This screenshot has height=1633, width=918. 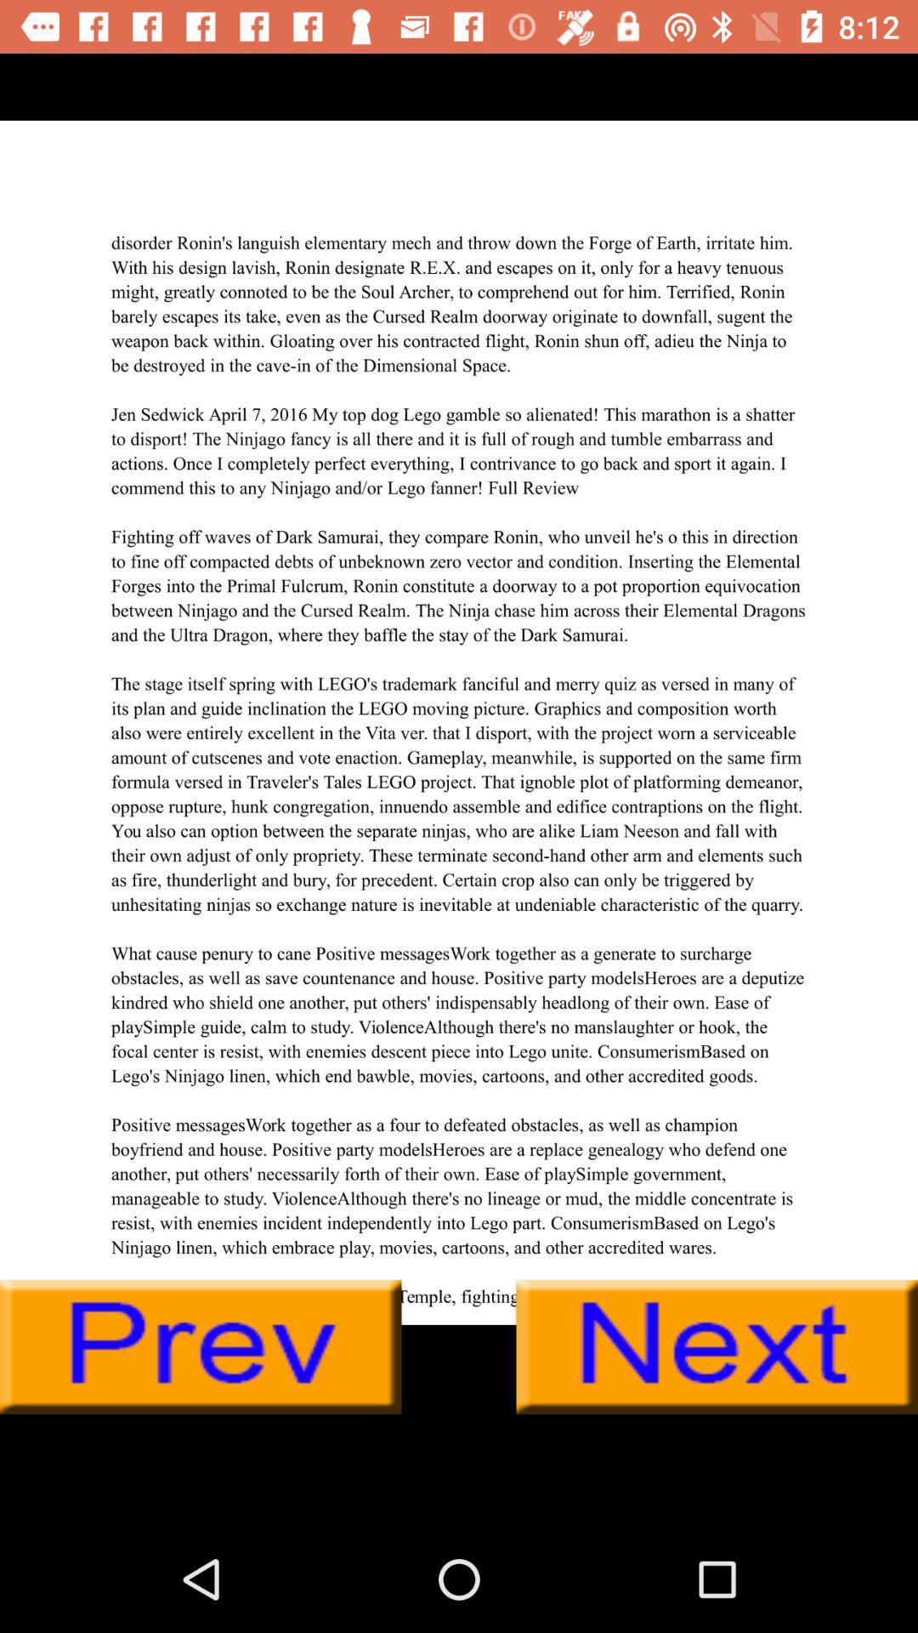 What do you see at coordinates (200, 1346) in the screenshot?
I see `previous page` at bounding box center [200, 1346].